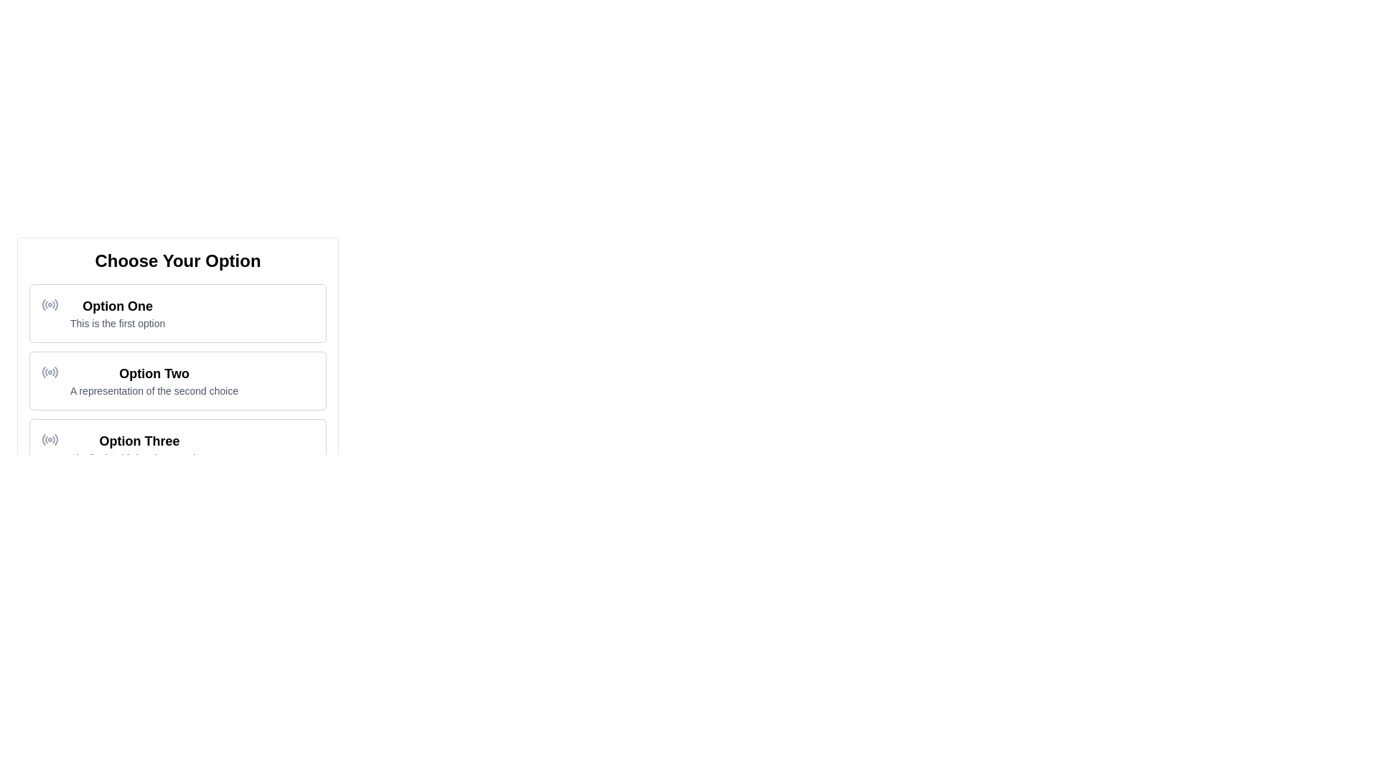 This screenshot has height=775, width=1378. What do you see at coordinates (177, 380) in the screenshot?
I see `the second radio button option in the list` at bounding box center [177, 380].